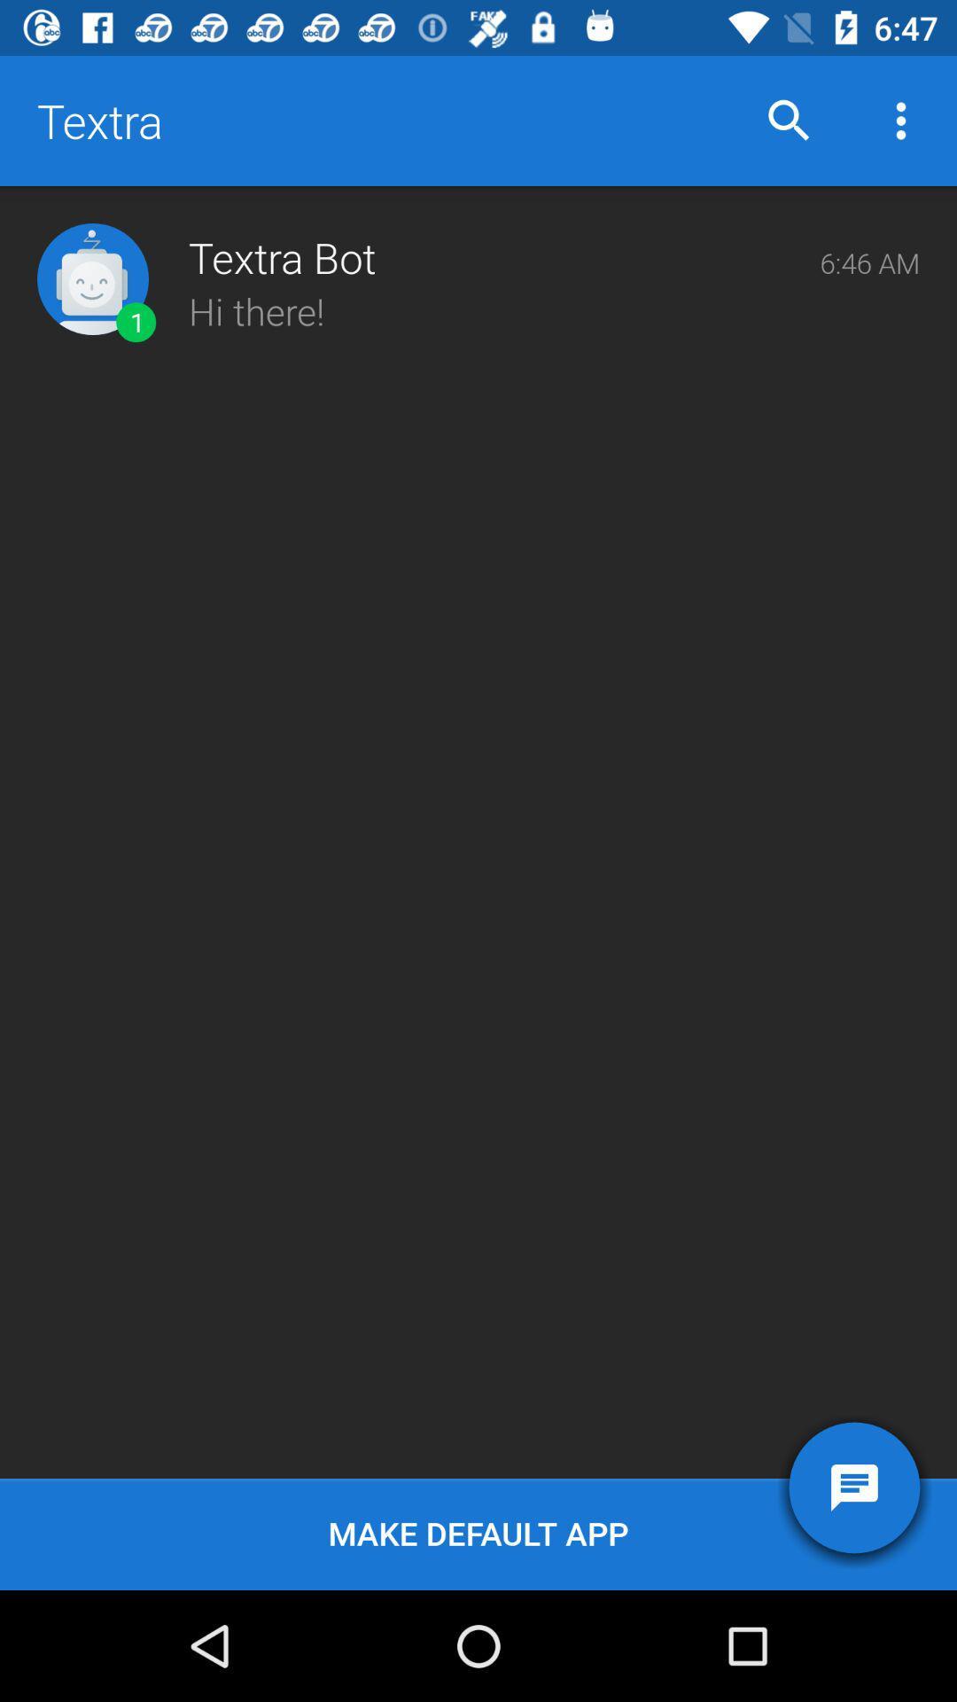  What do you see at coordinates (853, 1487) in the screenshot?
I see `the icon to the right of make default app` at bounding box center [853, 1487].